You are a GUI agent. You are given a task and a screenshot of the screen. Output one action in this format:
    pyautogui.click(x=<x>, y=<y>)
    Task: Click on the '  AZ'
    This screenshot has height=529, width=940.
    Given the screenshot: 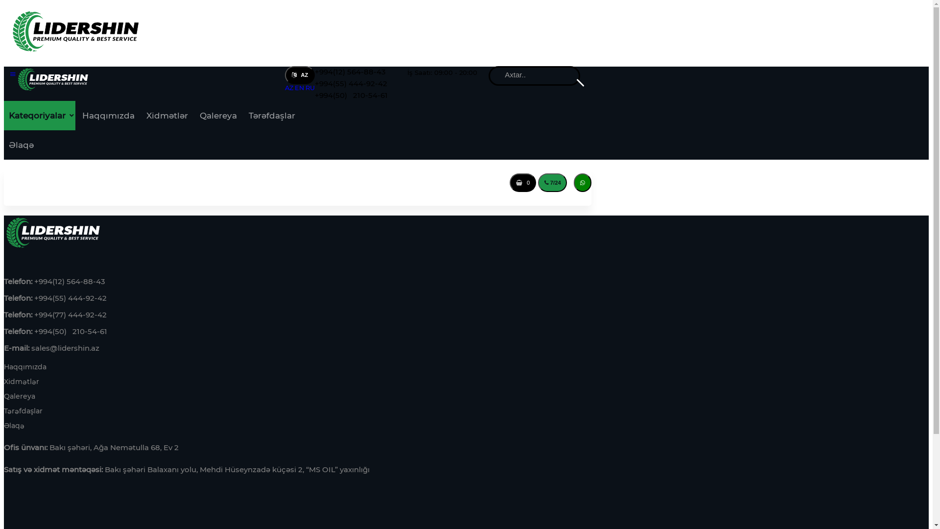 What is the action you would take?
    pyautogui.click(x=299, y=75)
    